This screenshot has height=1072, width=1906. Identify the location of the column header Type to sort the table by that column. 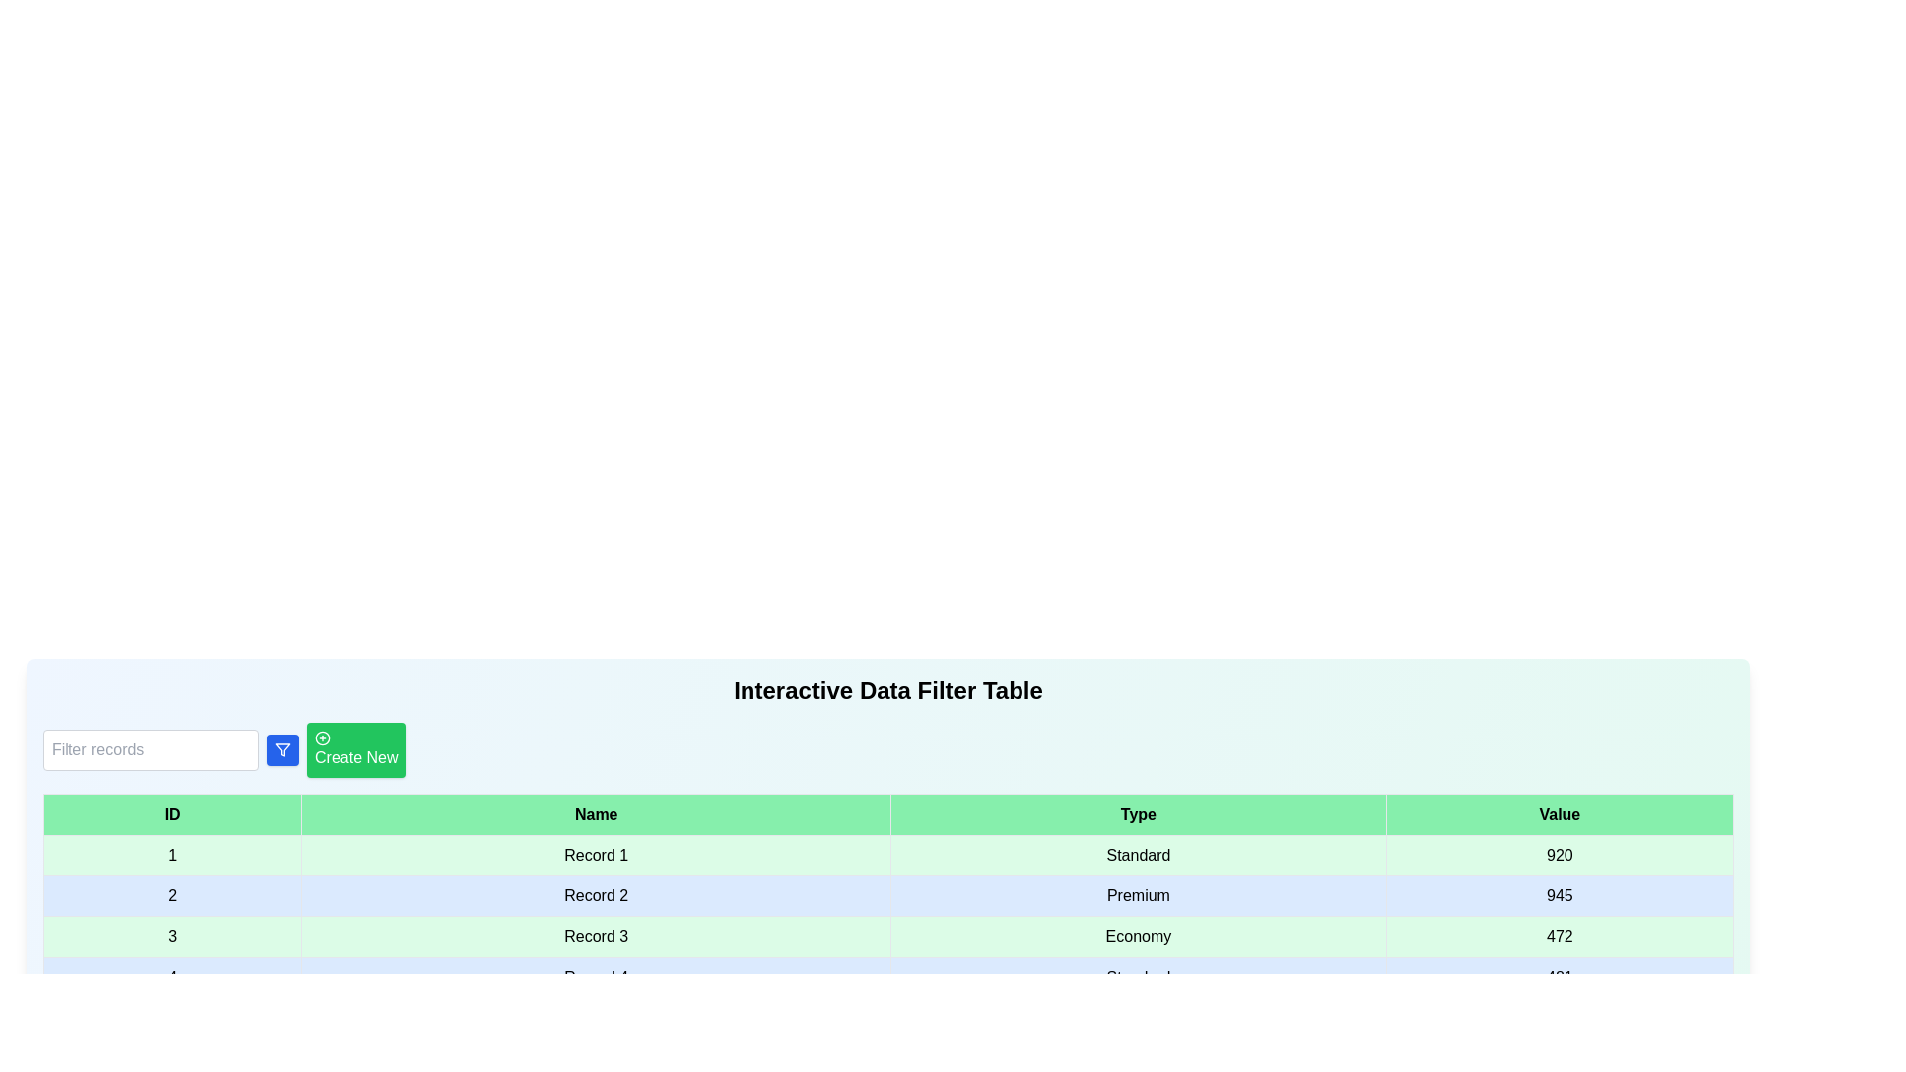
(1139, 815).